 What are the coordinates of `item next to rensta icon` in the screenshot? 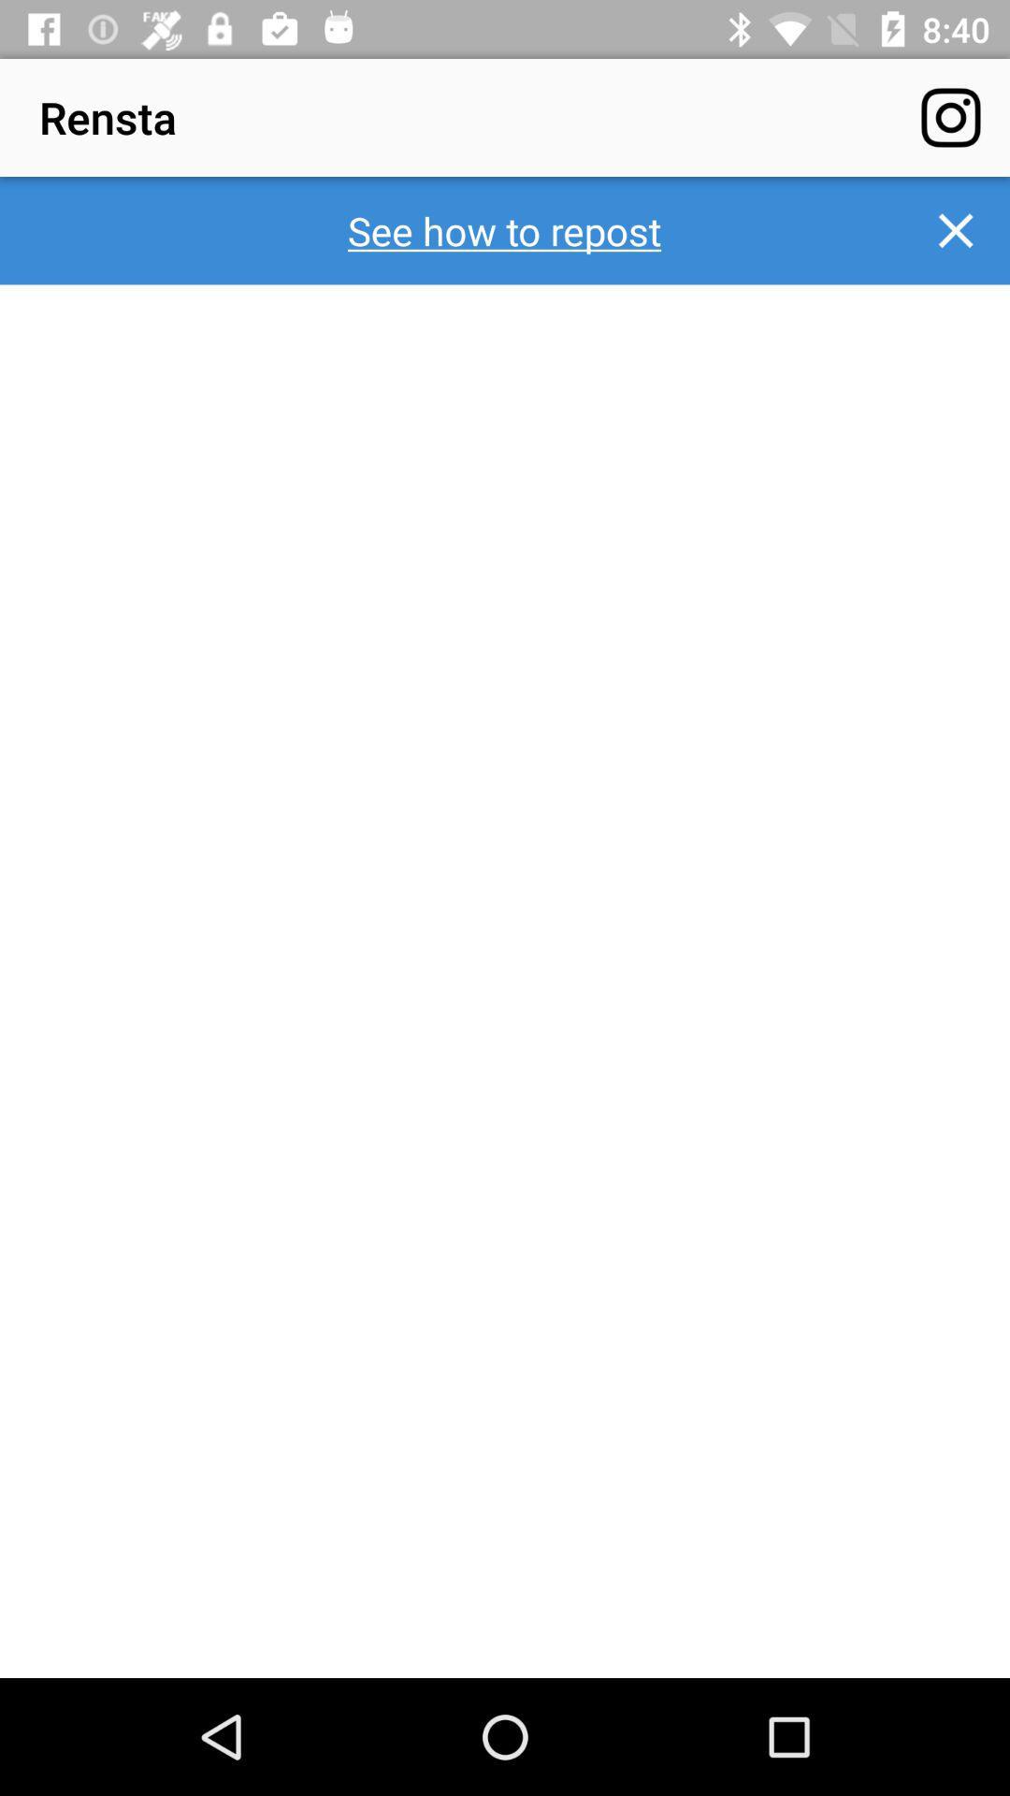 It's located at (951, 116).